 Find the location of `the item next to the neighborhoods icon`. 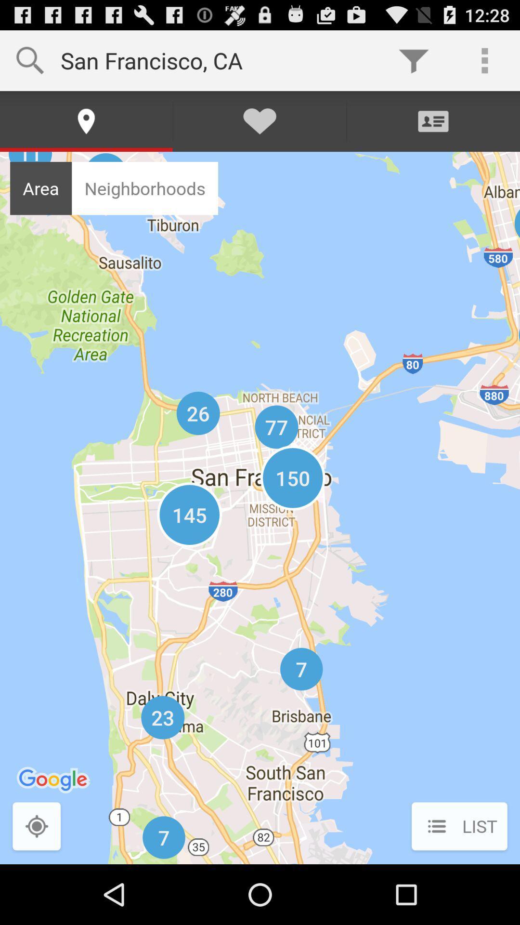

the item next to the neighborhoods icon is located at coordinates (40, 188).